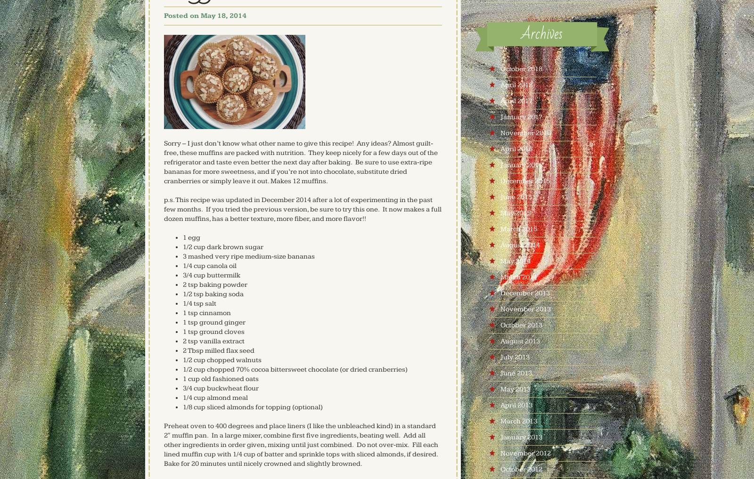  What do you see at coordinates (521, 164) in the screenshot?
I see `'January 2016'` at bounding box center [521, 164].